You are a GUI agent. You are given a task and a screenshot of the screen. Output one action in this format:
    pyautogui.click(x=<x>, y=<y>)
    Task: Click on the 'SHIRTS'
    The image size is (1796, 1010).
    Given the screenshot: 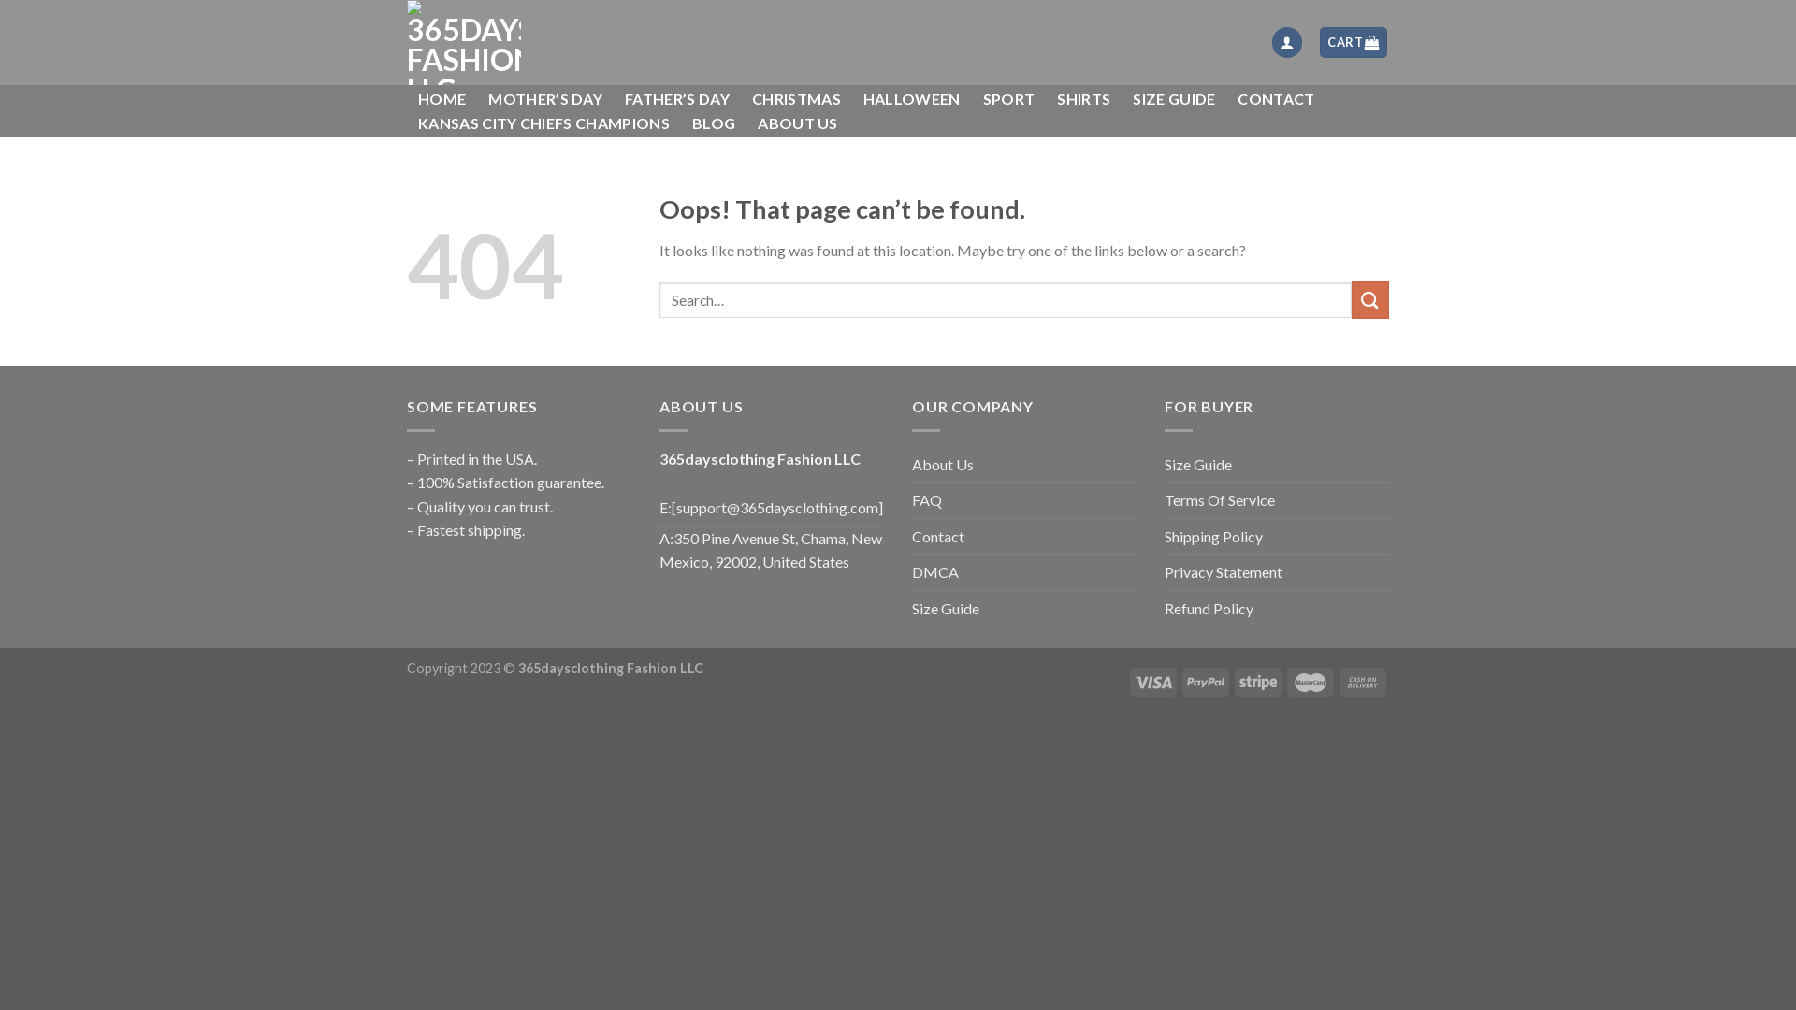 What is the action you would take?
    pyautogui.click(x=1045, y=98)
    